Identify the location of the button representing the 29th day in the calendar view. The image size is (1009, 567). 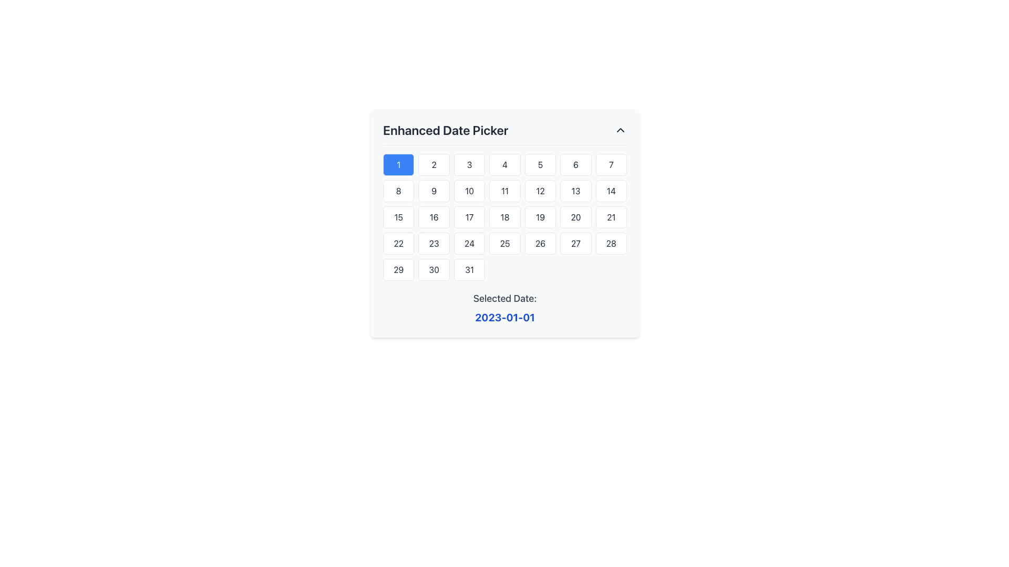
(398, 269).